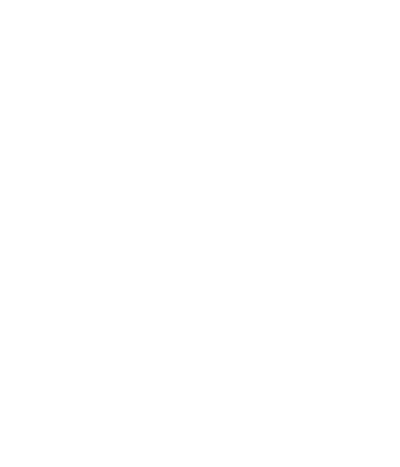 This screenshot has height=467, width=400. Describe the element at coordinates (44, 90) in the screenshot. I see `'Media Vision USA'` at that location.